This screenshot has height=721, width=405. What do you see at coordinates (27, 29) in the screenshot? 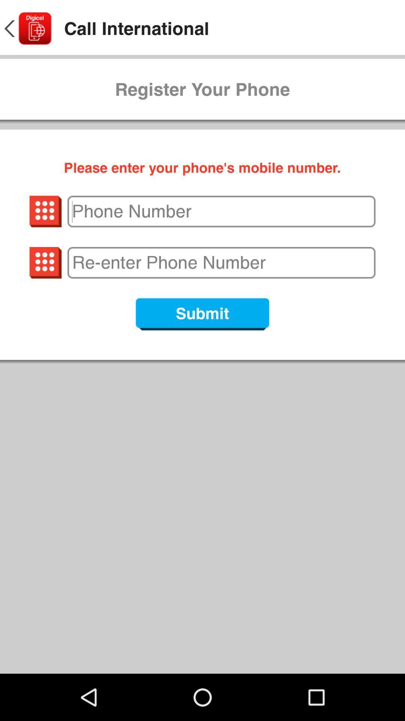
I see `go back` at bounding box center [27, 29].